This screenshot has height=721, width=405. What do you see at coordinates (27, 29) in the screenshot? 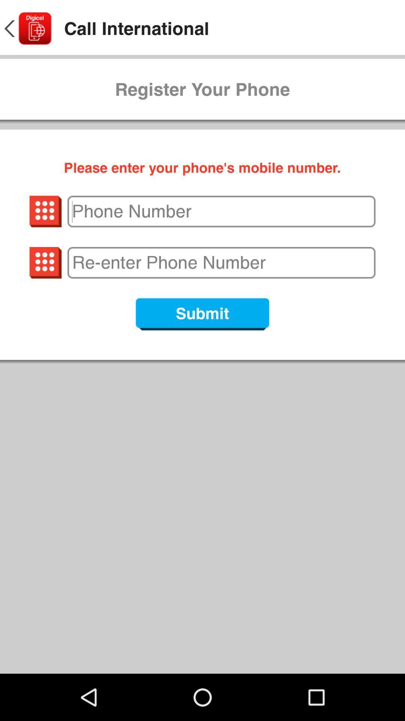
I see `go back` at bounding box center [27, 29].